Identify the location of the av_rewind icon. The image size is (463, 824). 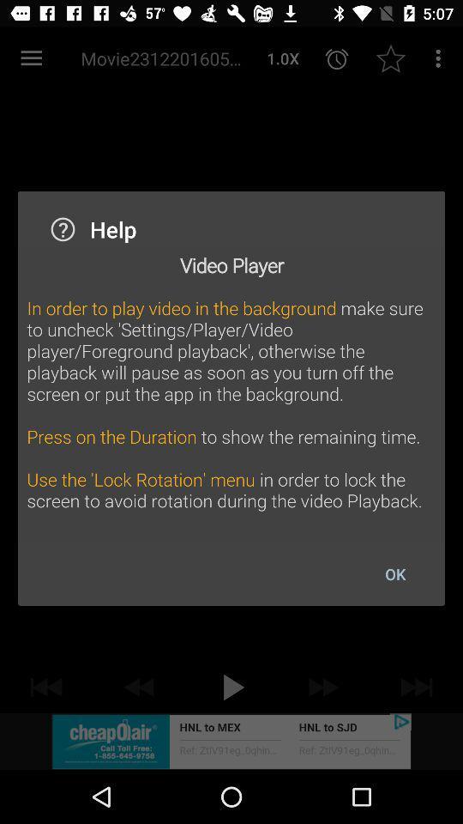
(138, 688).